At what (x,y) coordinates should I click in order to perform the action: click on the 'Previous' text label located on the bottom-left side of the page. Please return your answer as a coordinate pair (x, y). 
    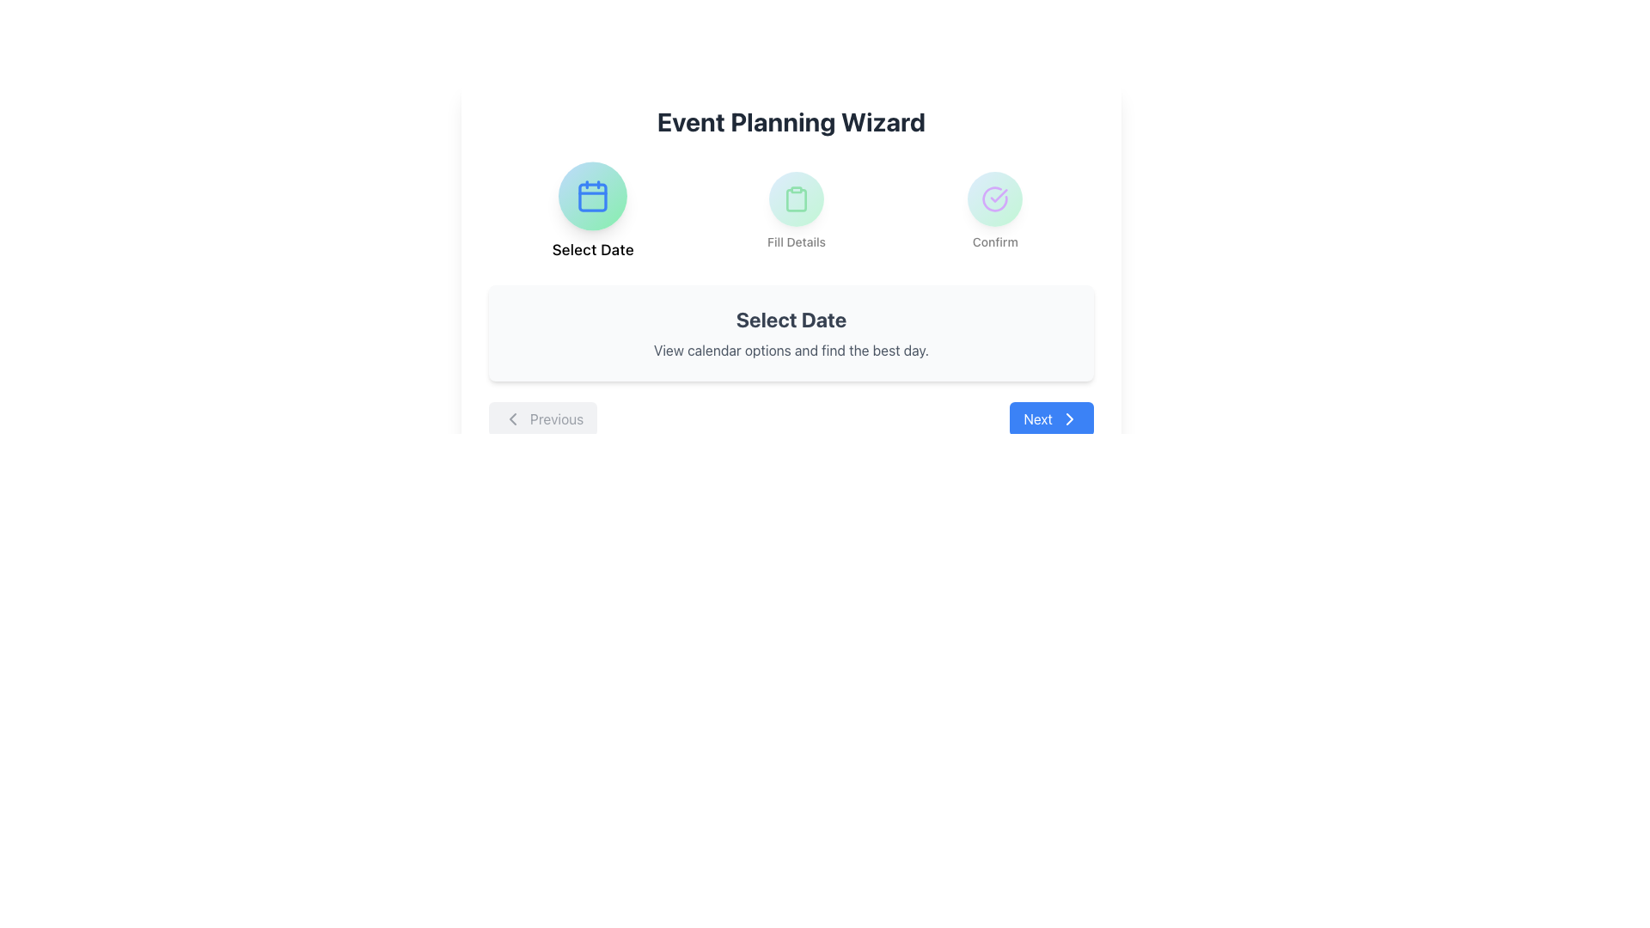
    Looking at the image, I should click on (557, 419).